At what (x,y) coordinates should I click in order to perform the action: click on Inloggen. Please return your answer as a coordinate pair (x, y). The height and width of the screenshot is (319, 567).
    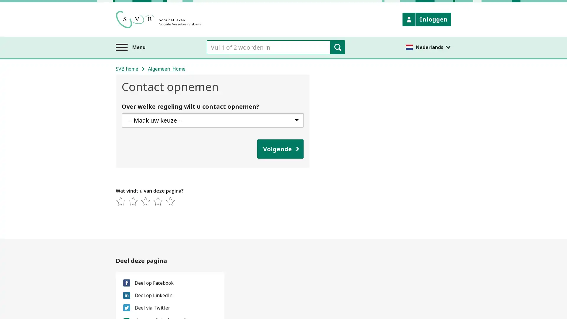
    Looking at the image, I should click on (427, 19).